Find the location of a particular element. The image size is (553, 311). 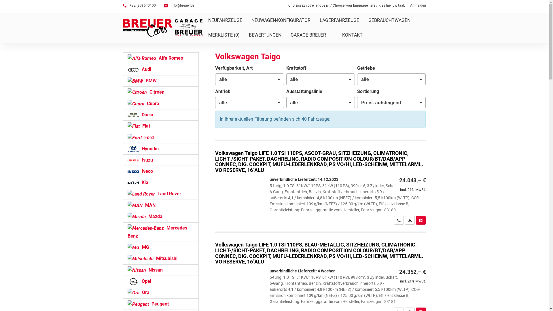

'Peugeot' is located at coordinates (160, 304).